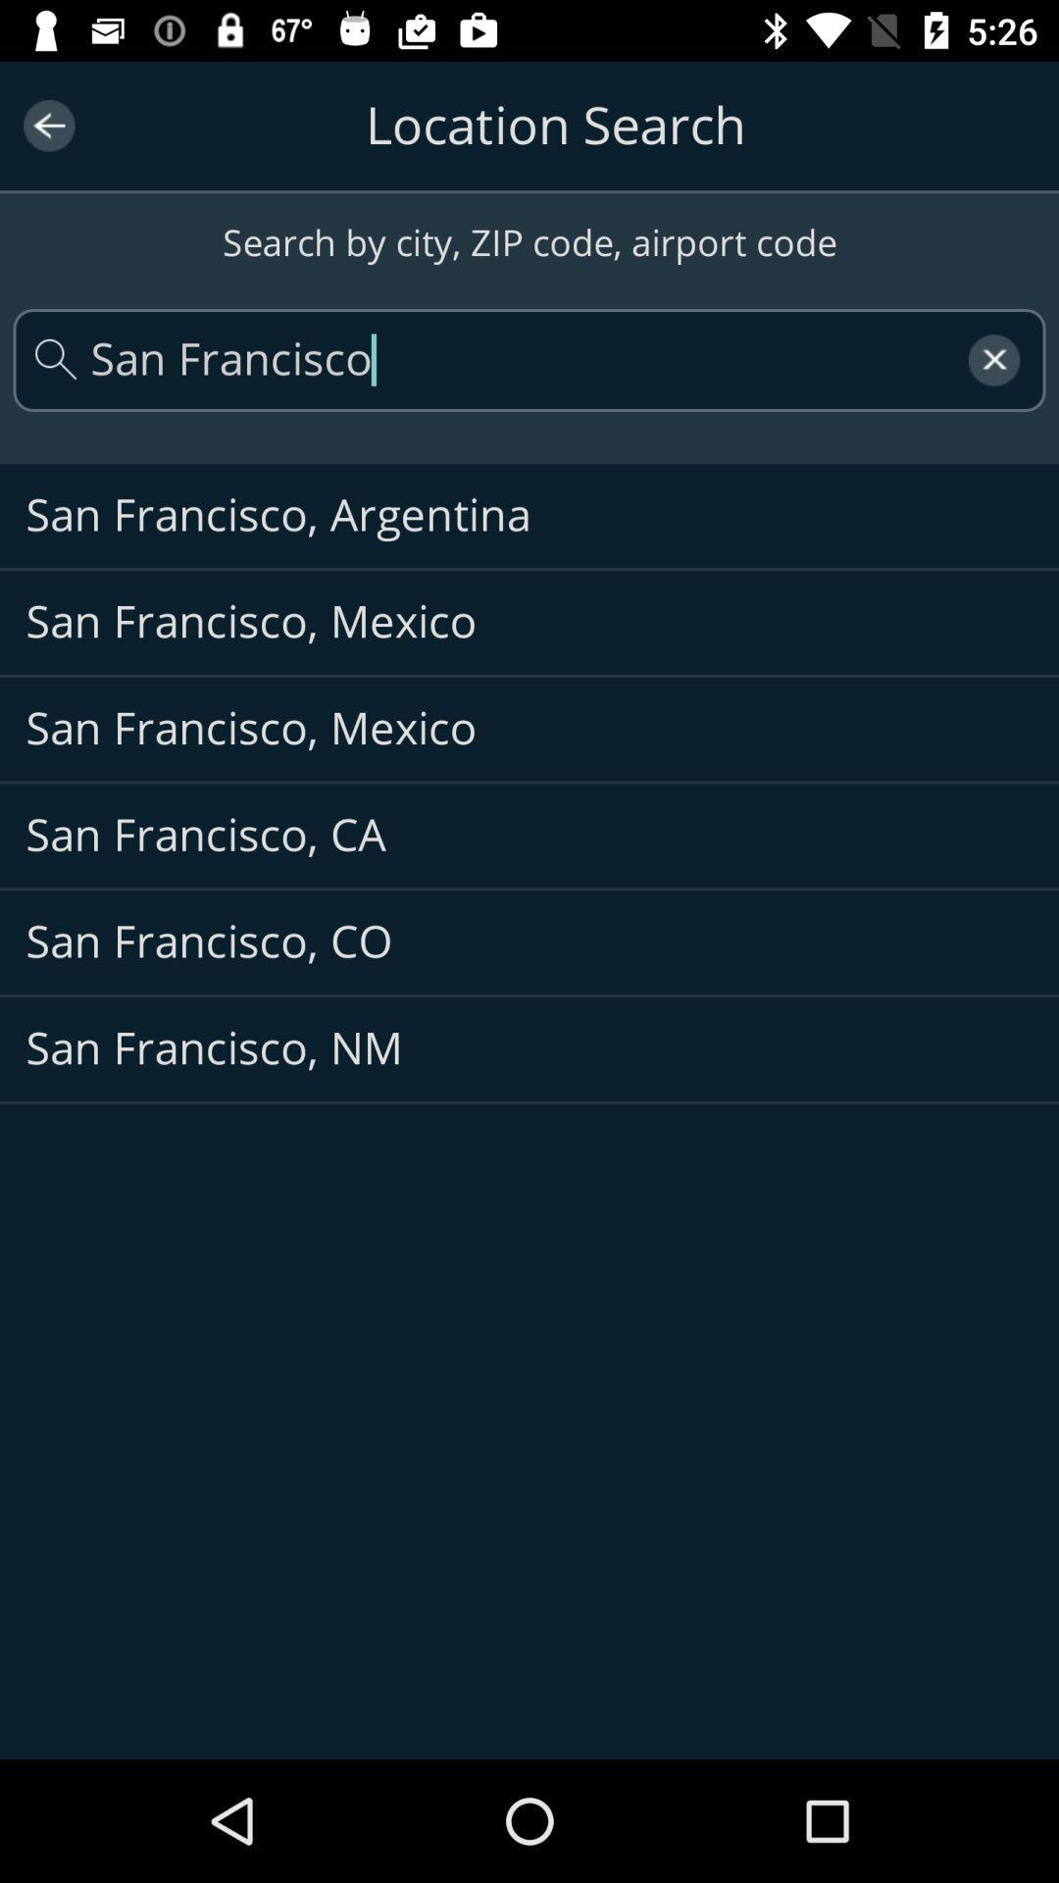 The image size is (1059, 1883). I want to click on the search icon, so click(55, 360).